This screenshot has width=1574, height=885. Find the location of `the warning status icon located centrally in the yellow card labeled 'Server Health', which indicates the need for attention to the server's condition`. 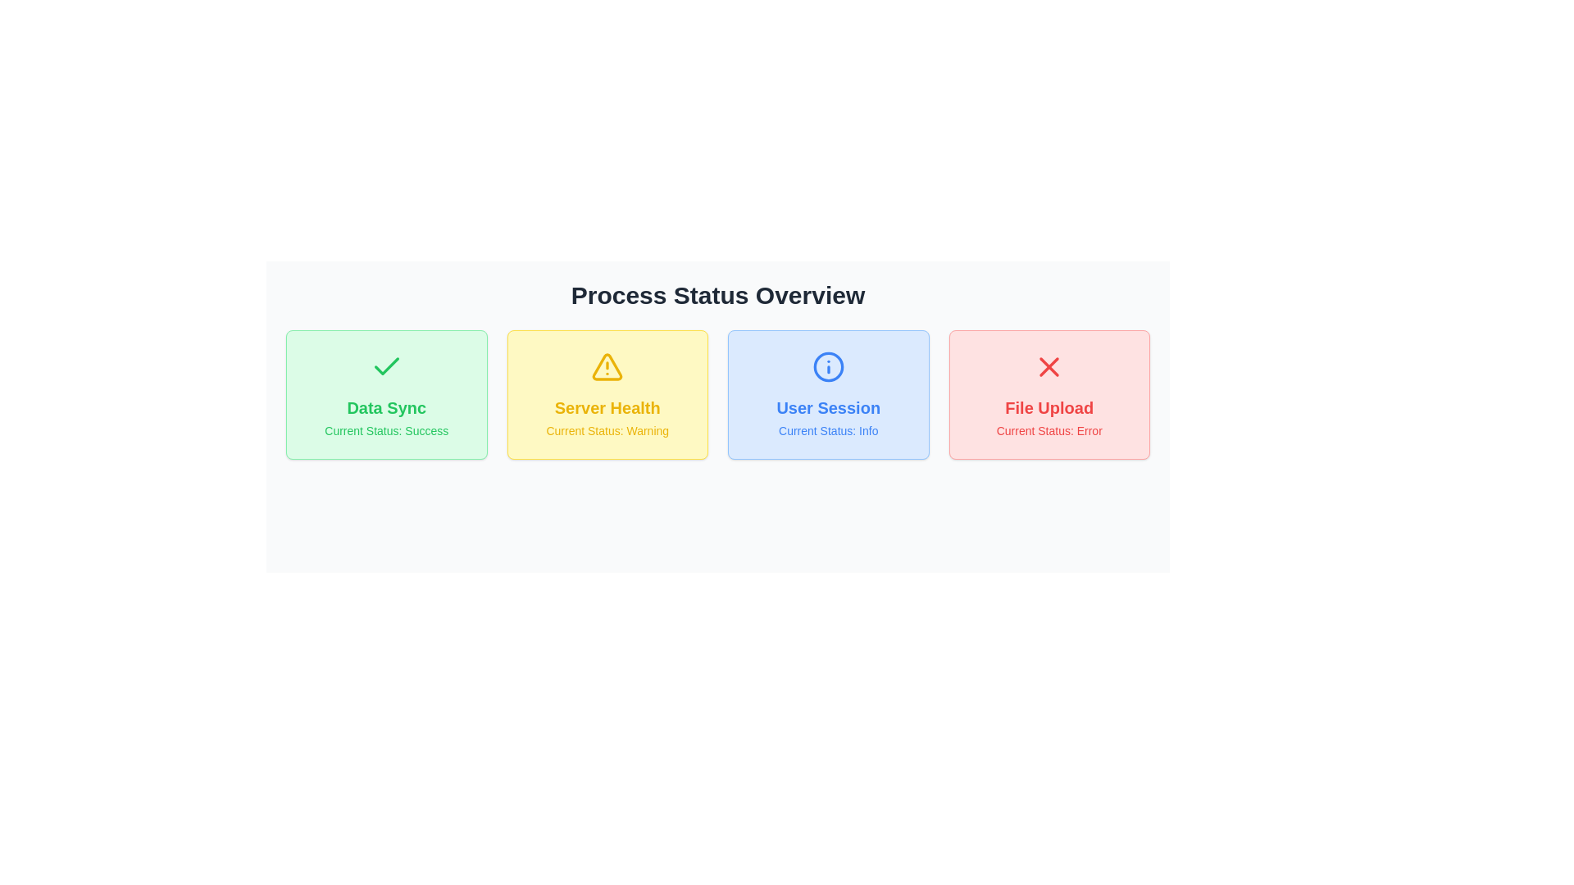

the warning status icon located centrally in the yellow card labeled 'Server Health', which indicates the need for attention to the server's condition is located at coordinates (607, 365).